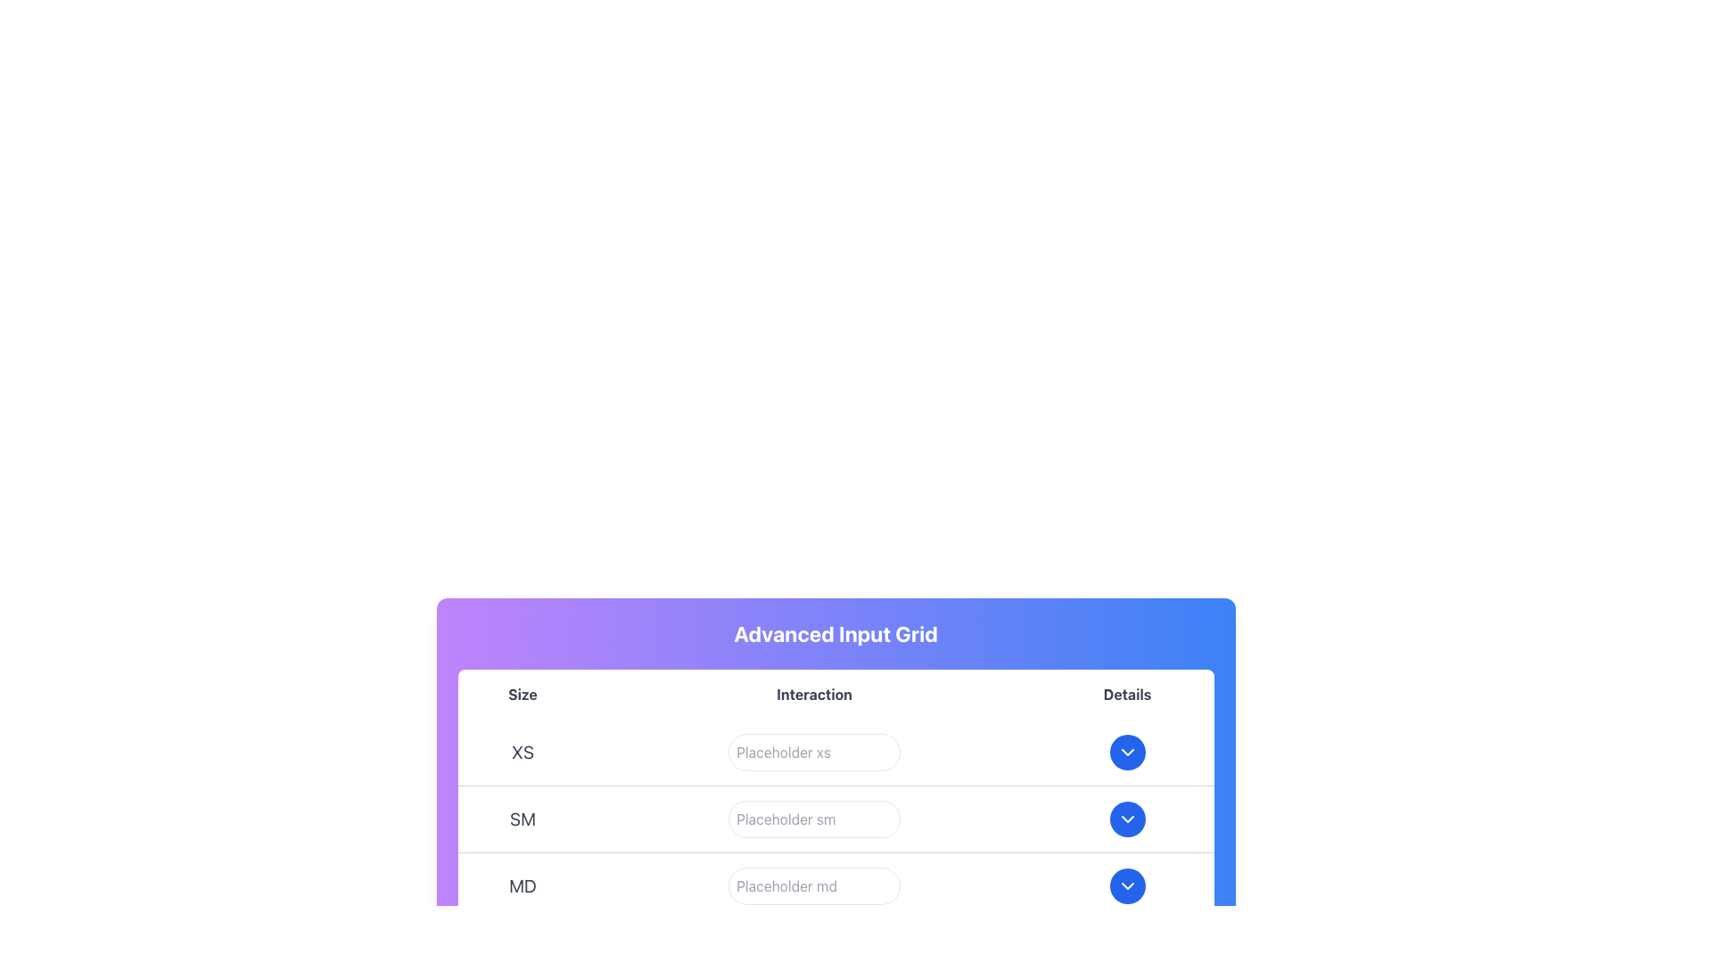  I want to click on the round-cornered, bordered text input box with placeholder text 'Placeholder sm' to focus on the input field, so click(813, 819).